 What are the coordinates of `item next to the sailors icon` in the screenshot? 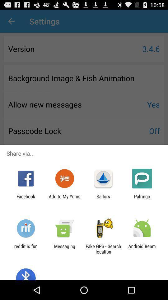 It's located at (64, 199).